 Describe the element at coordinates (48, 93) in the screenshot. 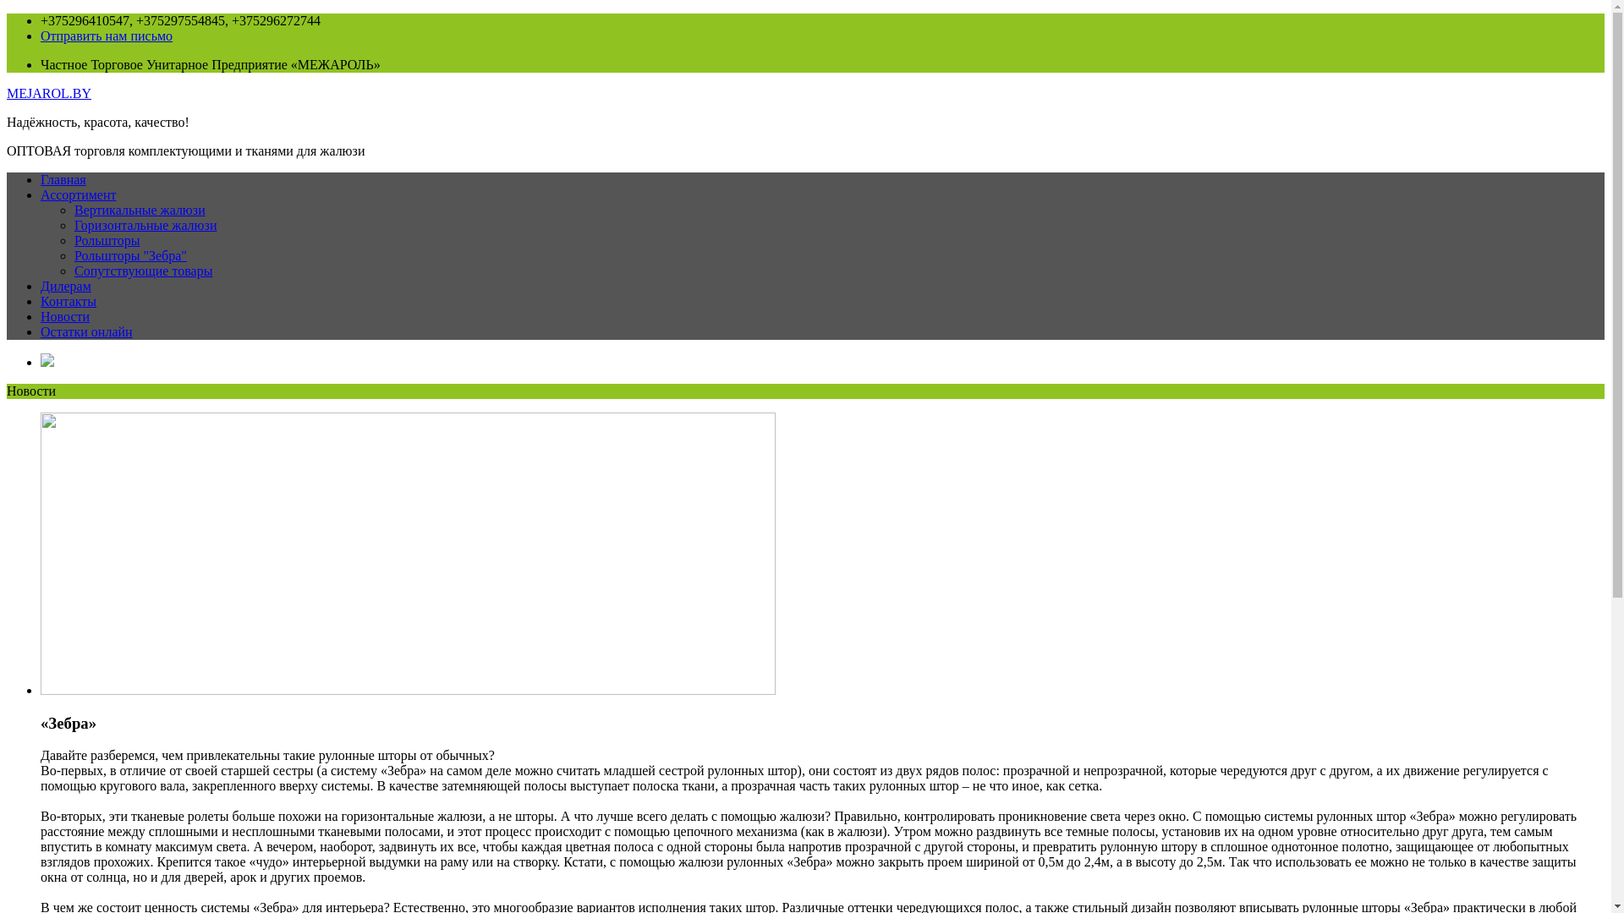

I see `'MEJAROL.BY'` at that location.